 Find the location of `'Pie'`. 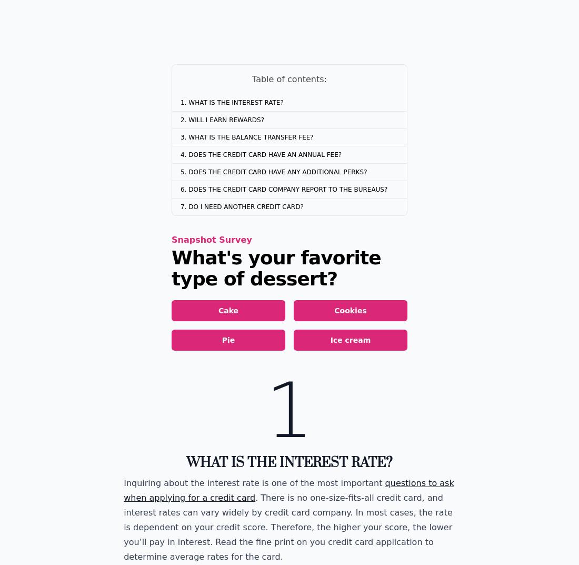

'Pie' is located at coordinates (227, 340).